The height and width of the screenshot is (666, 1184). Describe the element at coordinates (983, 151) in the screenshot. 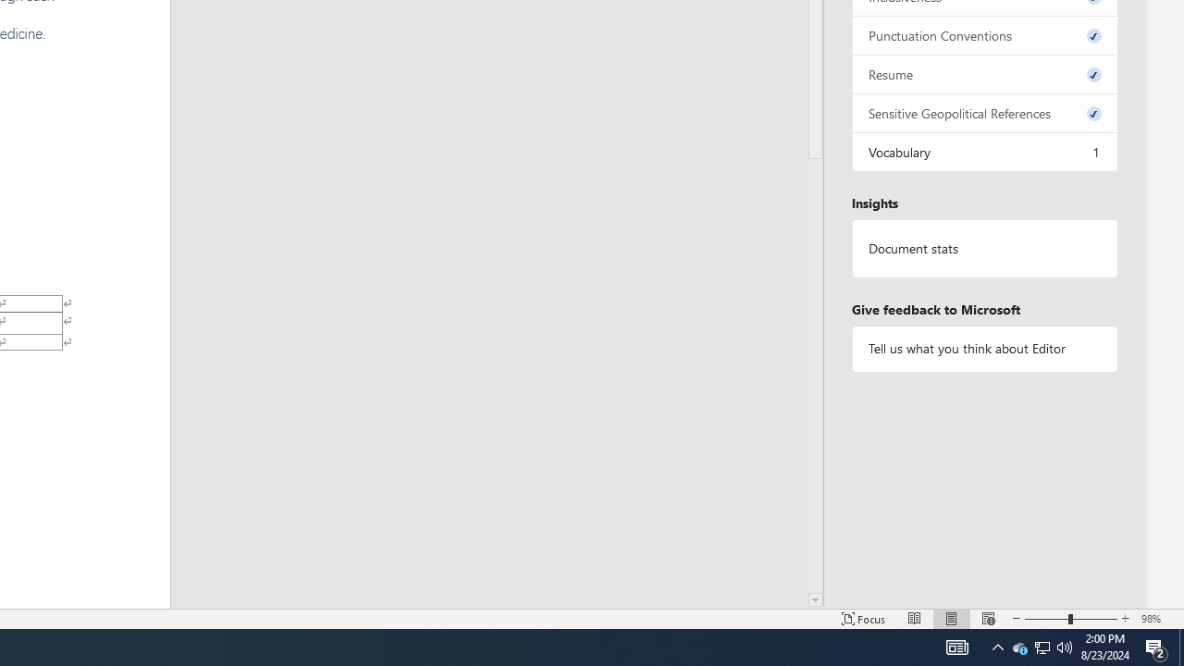

I see `'Vocabulary, 1 issue. Press space or enter to review items.'` at that location.